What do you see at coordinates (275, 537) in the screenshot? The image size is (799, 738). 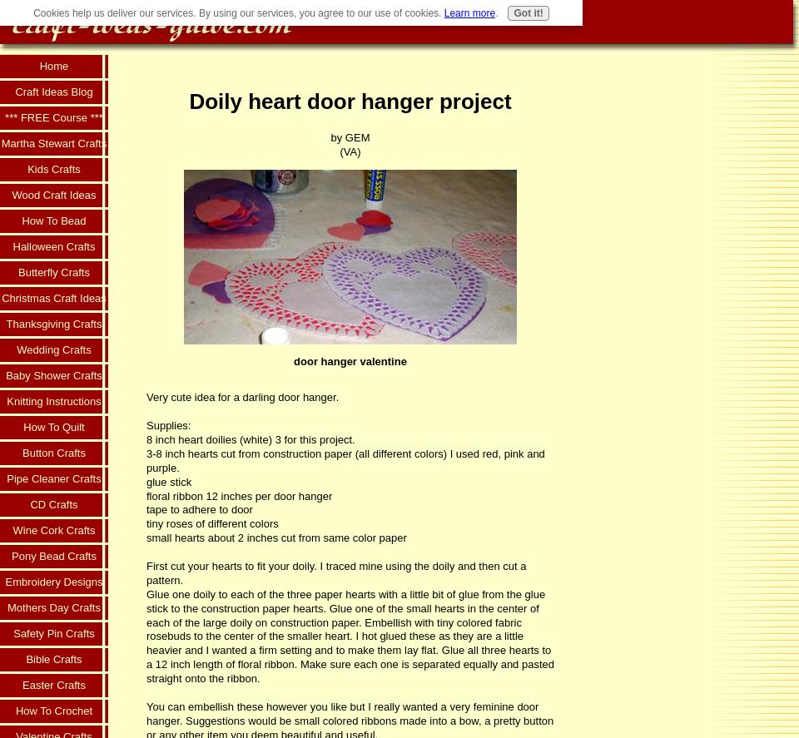 I see `'small hearts about 2 inches cut from same color paper'` at bounding box center [275, 537].